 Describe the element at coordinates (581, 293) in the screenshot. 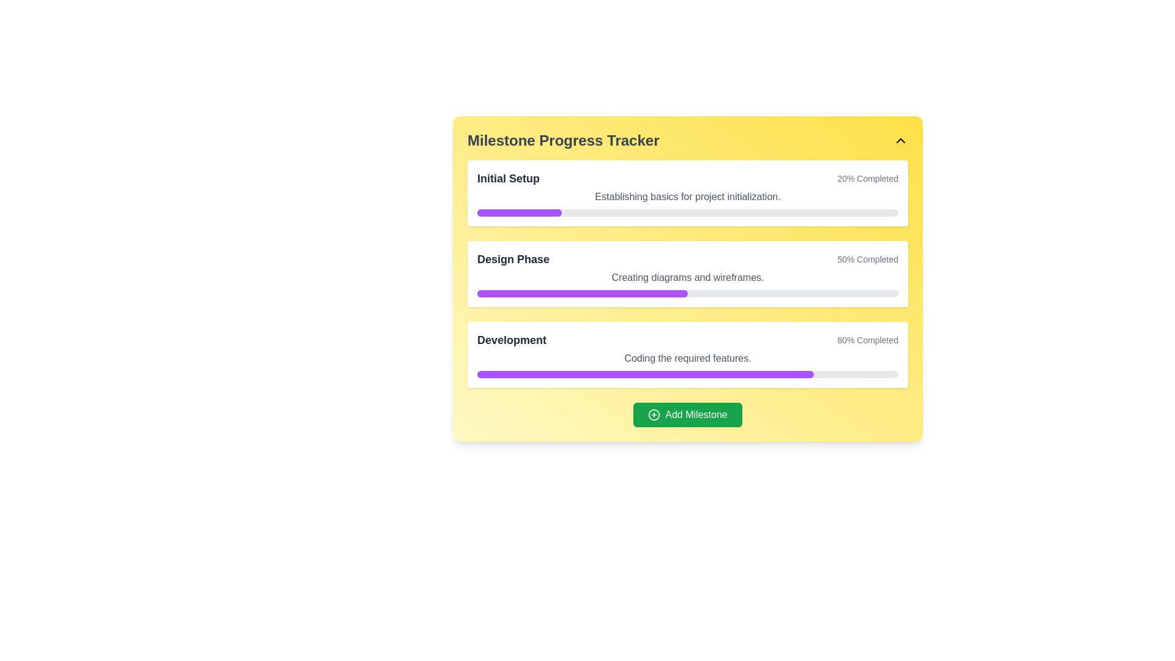

I see `the current state of the purple progress bar indicator located in the 'Design Phase' section of the milestone progress tracker, which represents 50% completion` at that location.